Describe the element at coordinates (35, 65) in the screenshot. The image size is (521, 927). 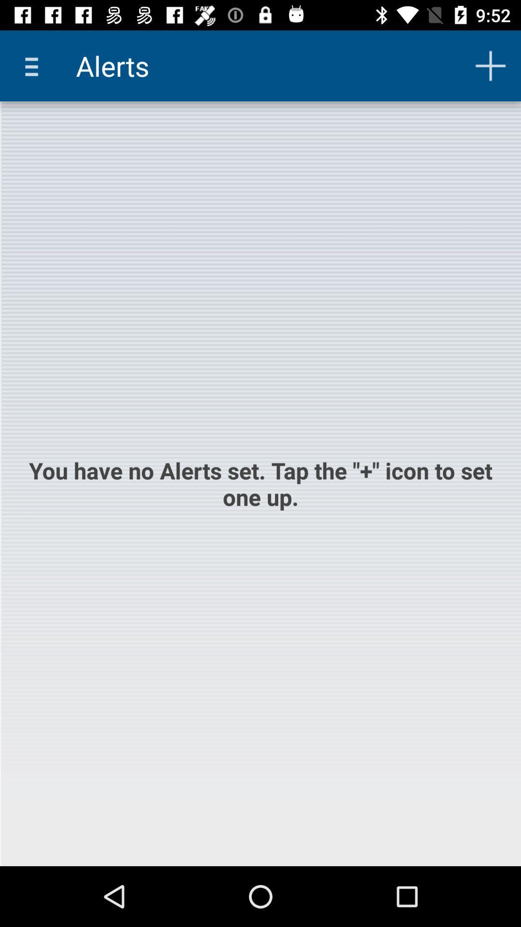
I see `icon next to the alerts icon` at that location.